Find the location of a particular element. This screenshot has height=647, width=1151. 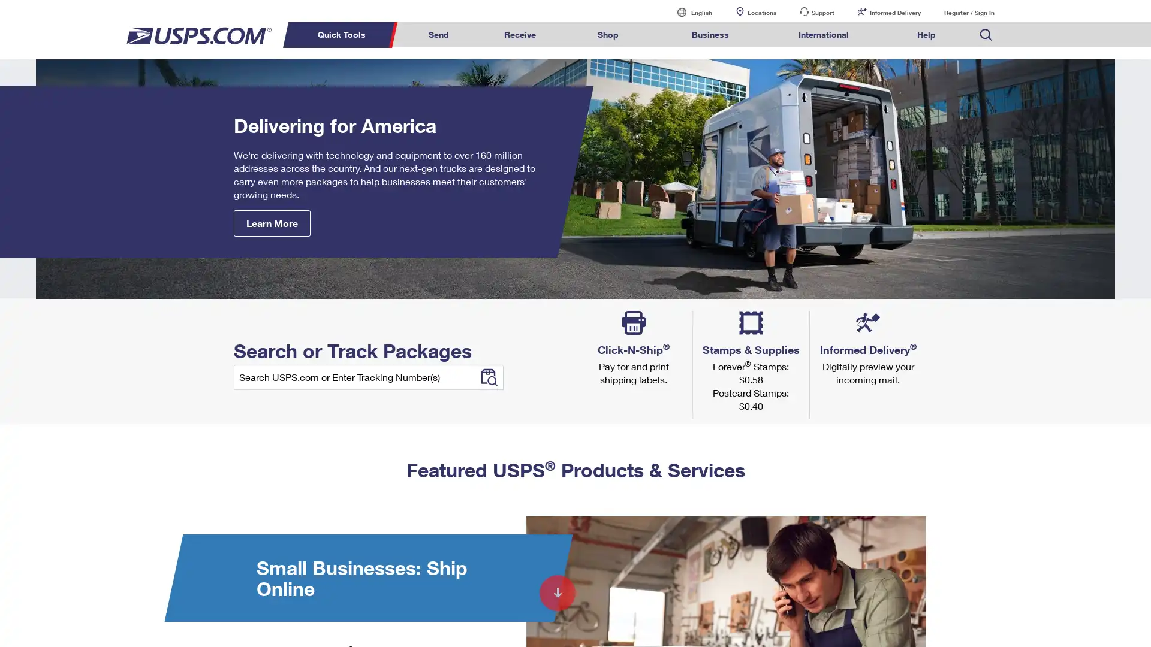

Search is located at coordinates (990, 311).